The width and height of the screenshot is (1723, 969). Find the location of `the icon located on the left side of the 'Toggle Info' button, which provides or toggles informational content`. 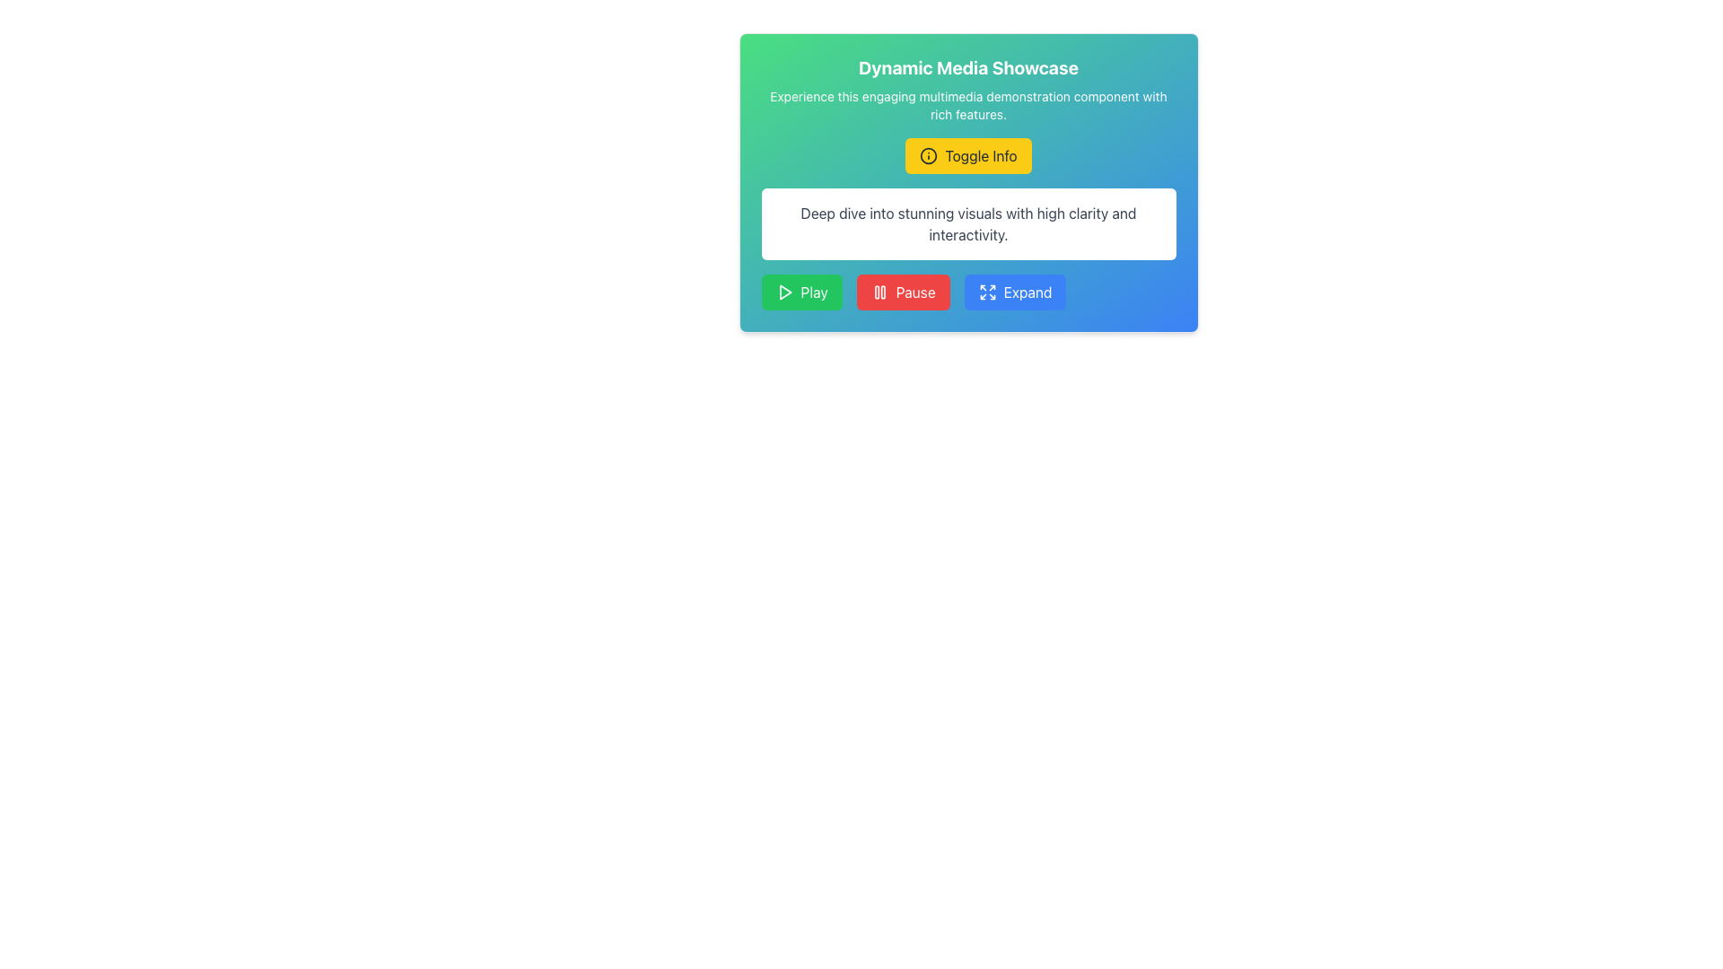

the icon located on the left side of the 'Toggle Info' button, which provides or toggles informational content is located at coordinates (929, 154).